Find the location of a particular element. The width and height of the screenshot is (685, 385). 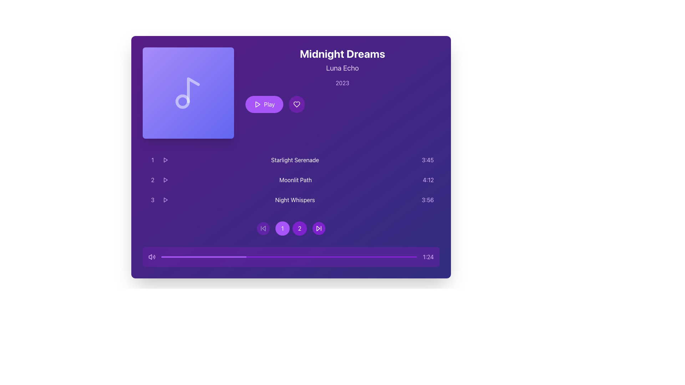

the play button located in the third row of the music playlist interface, adjacent to the number '3', to enable keyboard navigation is located at coordinates (165, 200).